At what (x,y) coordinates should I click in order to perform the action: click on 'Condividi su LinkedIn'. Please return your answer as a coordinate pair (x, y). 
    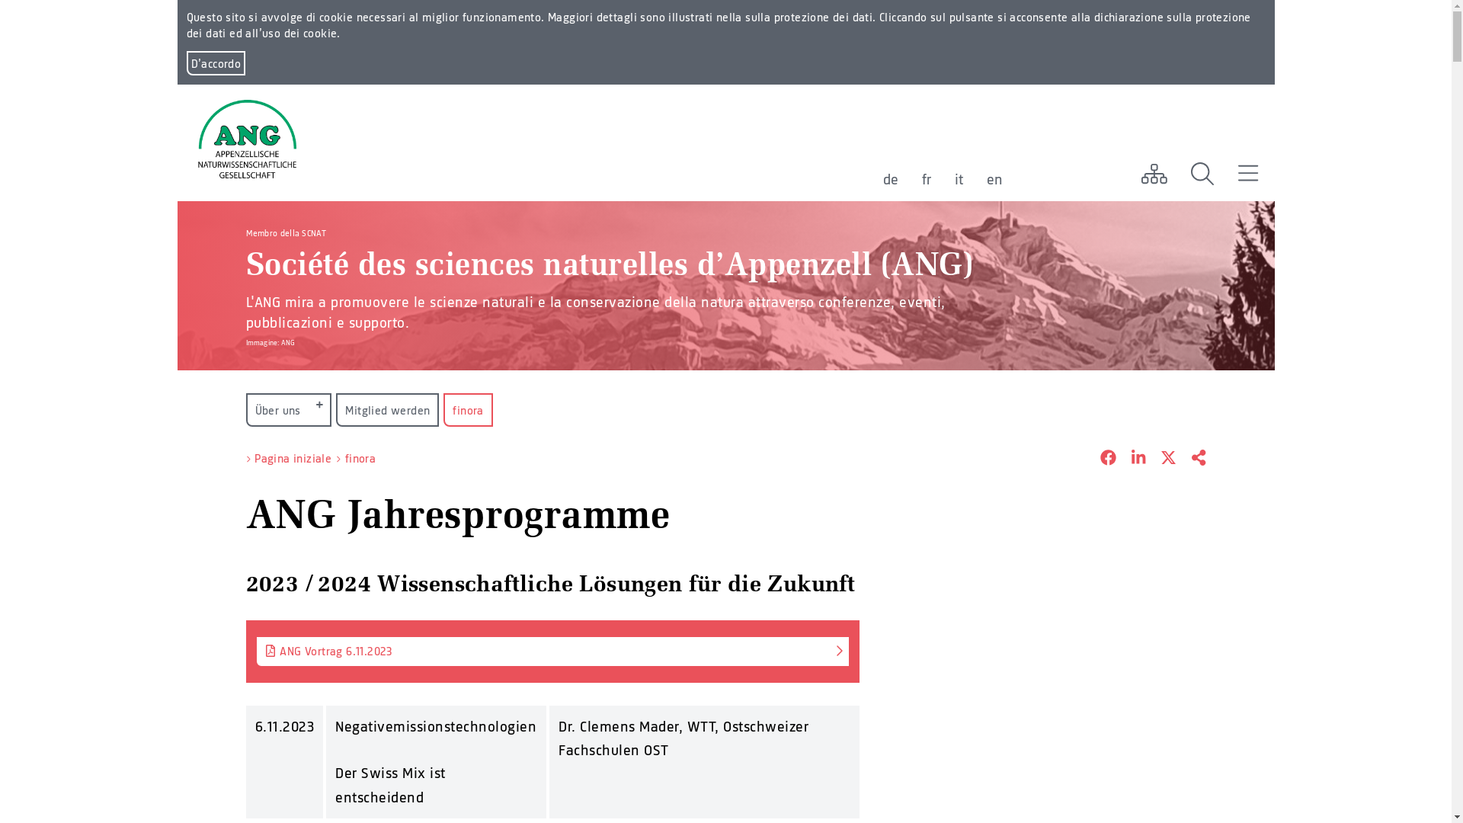
    Looking at the image, I should click on (1130, 458).